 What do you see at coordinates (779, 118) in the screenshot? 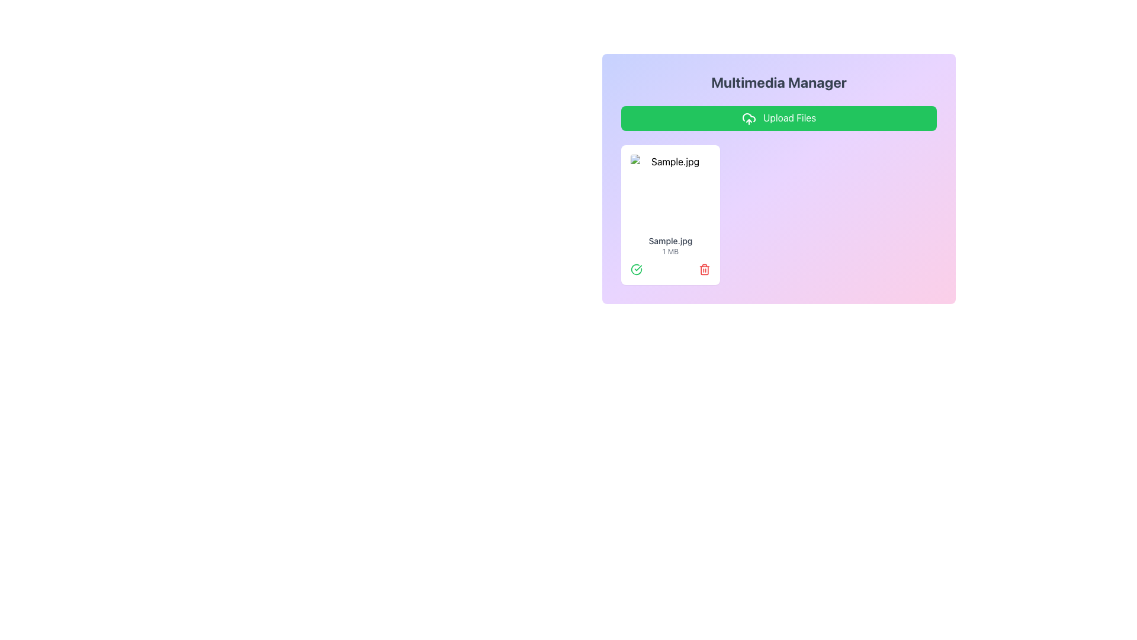
I see `the green rectangular 'Upload Files' button with rounded edges, located below the 'Multimedia Manager' title` at bounding box center [779, 118].